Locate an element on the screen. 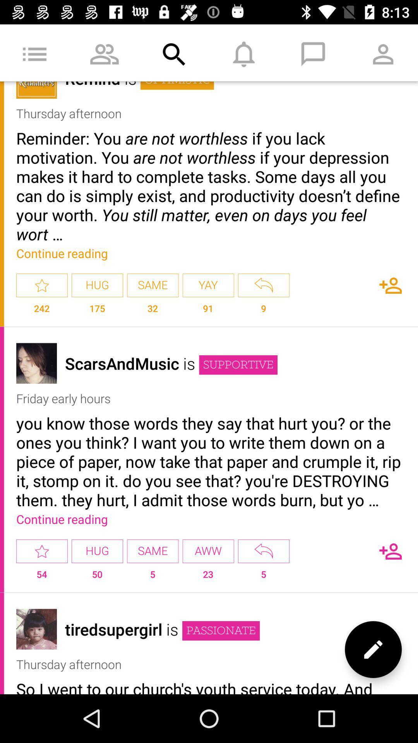 This screenshot has width=418, height=743. favorite is located at coordinates (42, 551).